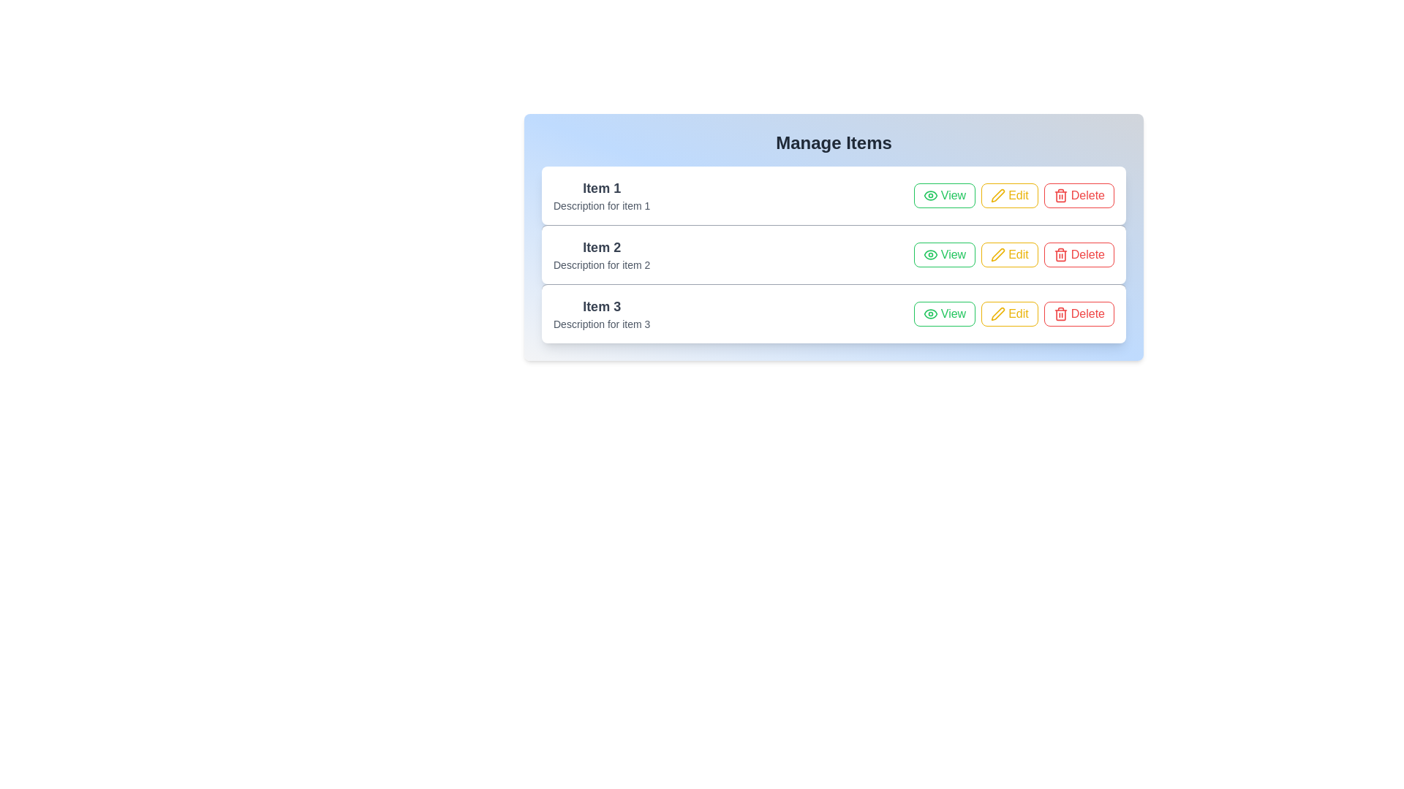 The image size is (1404, 789). Describe the element at coordinates (1079, 313) in the screenshot. I see `delete button for the item labeled Item 3` at that location.